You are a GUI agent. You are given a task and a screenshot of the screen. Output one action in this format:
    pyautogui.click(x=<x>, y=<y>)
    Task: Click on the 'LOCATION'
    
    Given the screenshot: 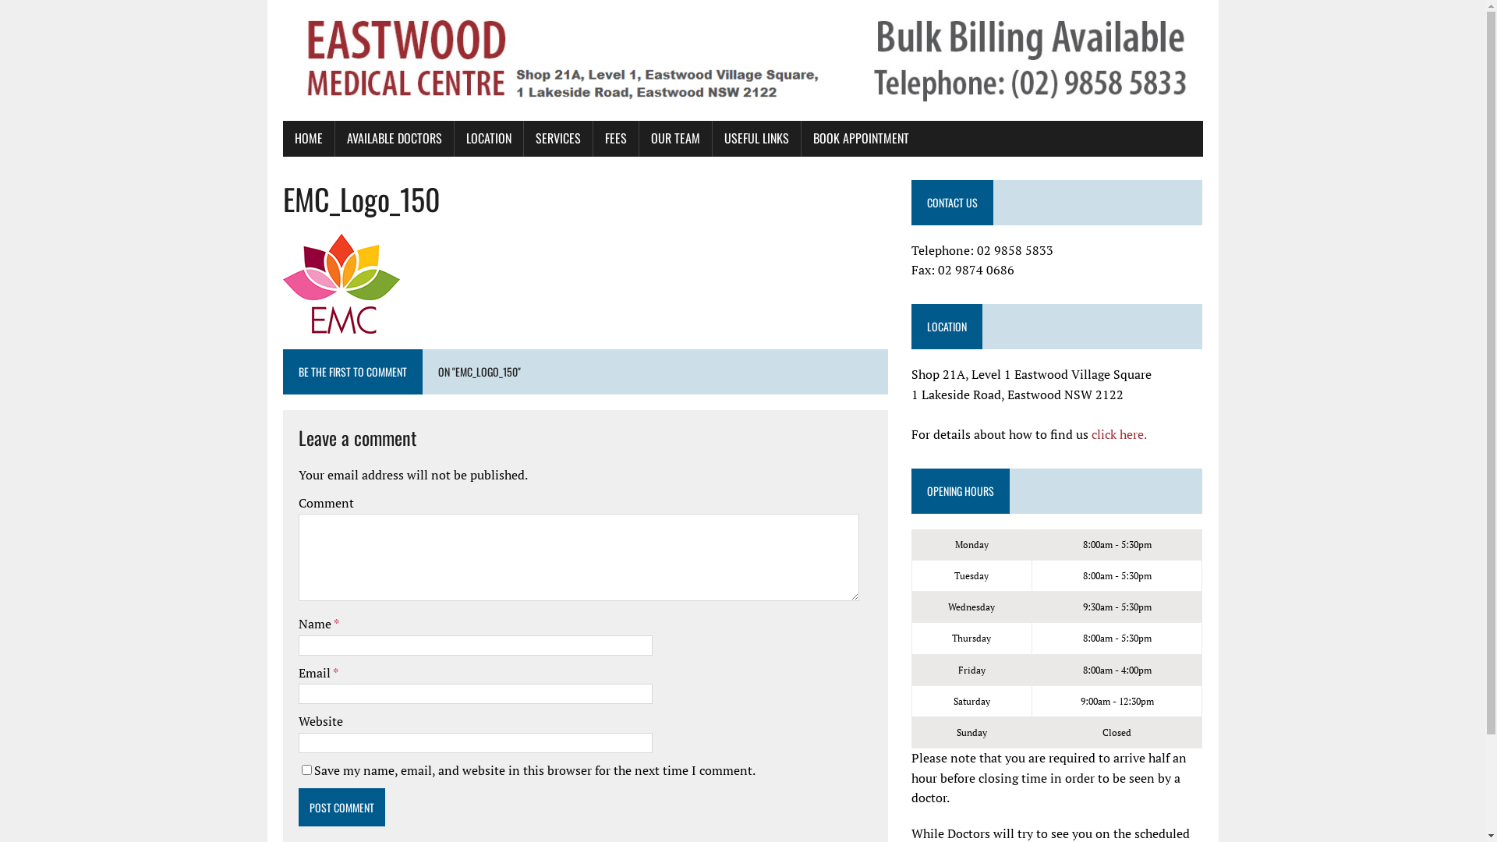 What is the action you would take?
    pyautogui.click(x=487, y=137)
    